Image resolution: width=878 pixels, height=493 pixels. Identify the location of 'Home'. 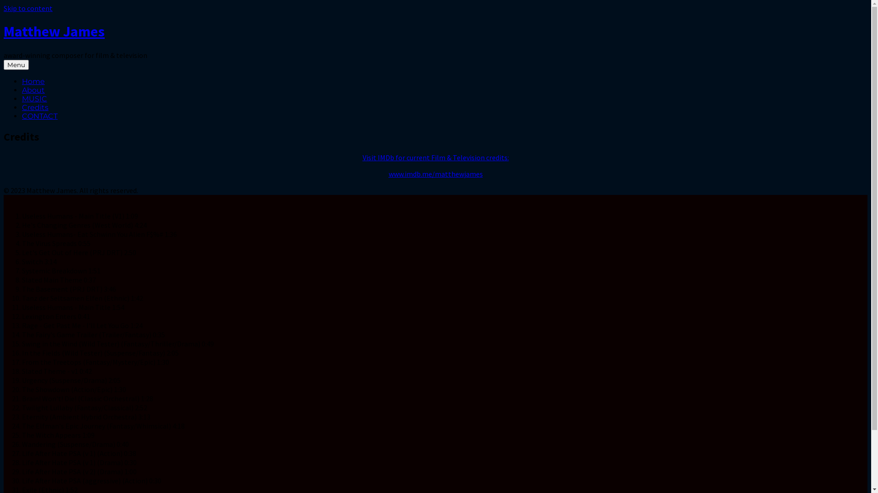
(33, 81).